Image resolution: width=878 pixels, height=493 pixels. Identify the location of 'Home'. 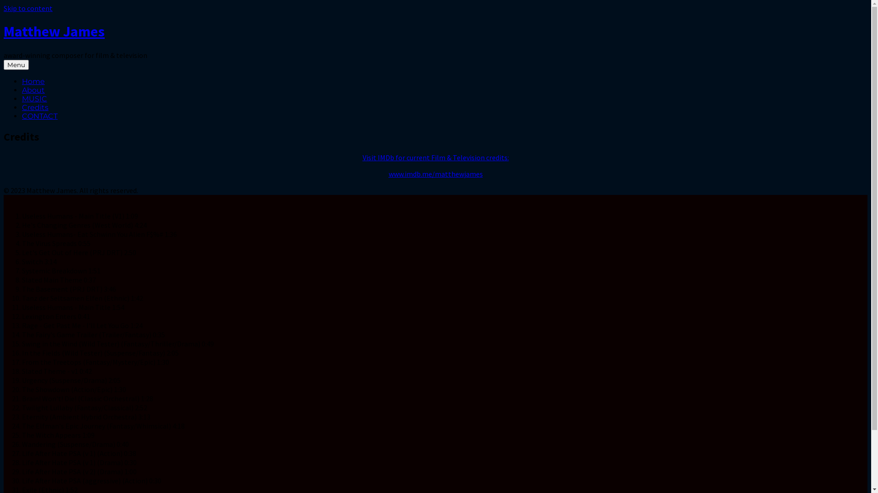
(33, 81).